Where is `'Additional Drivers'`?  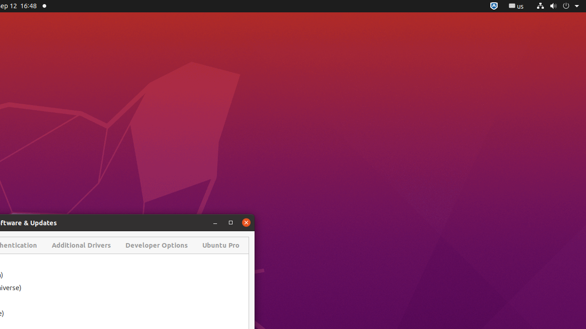 'Additional Drivers' is located at coordinates (81, 244).